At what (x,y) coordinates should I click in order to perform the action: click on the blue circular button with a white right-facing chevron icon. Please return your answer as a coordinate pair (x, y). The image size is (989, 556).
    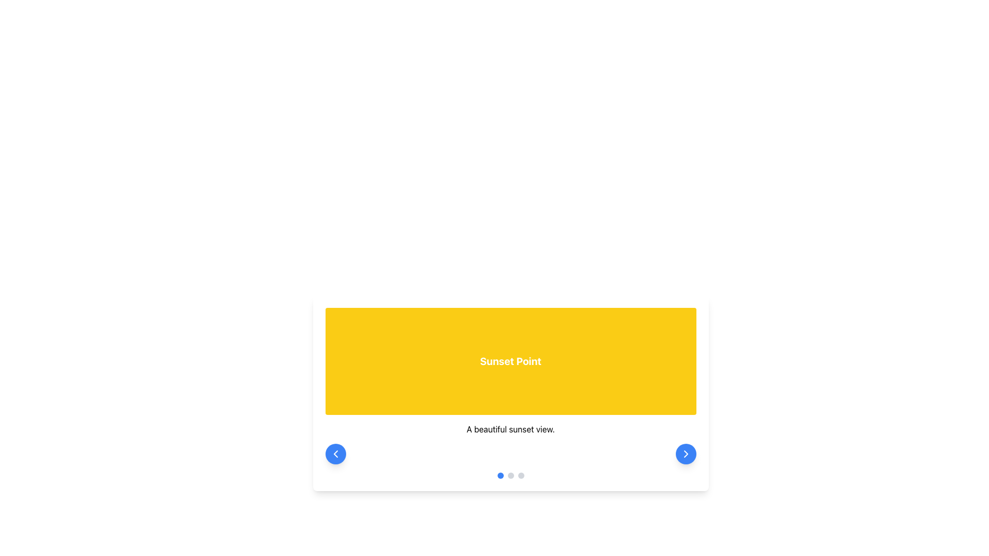
    Looking at the image, I should click on (686, 454).